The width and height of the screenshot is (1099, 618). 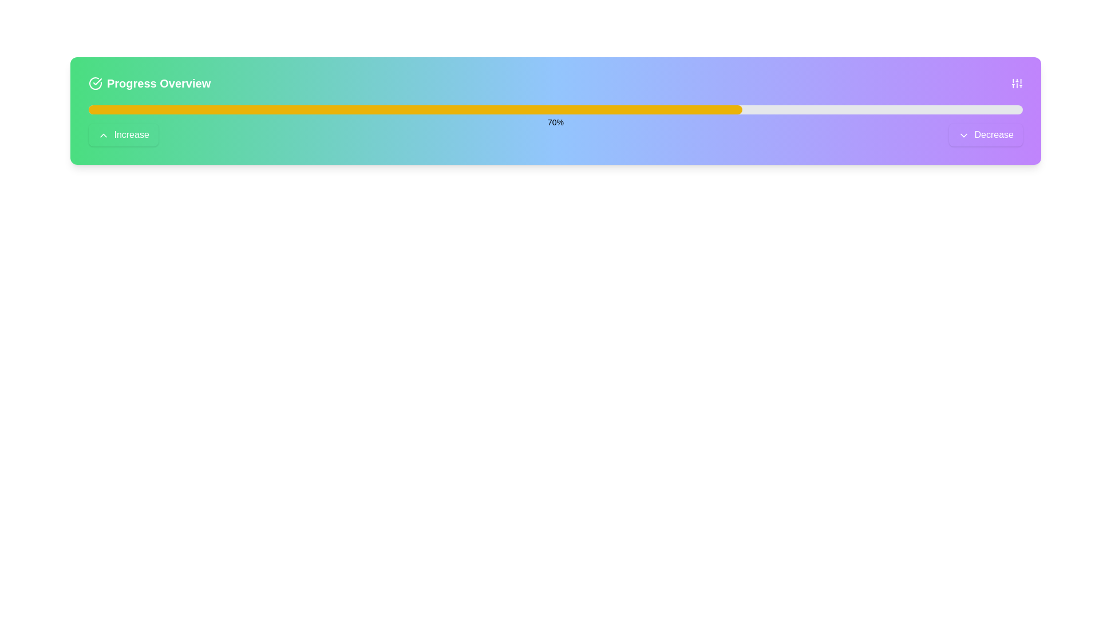 I want to click on the 'Increase' button containing the upward-facing chevron icon, so click(x=104, y=134).